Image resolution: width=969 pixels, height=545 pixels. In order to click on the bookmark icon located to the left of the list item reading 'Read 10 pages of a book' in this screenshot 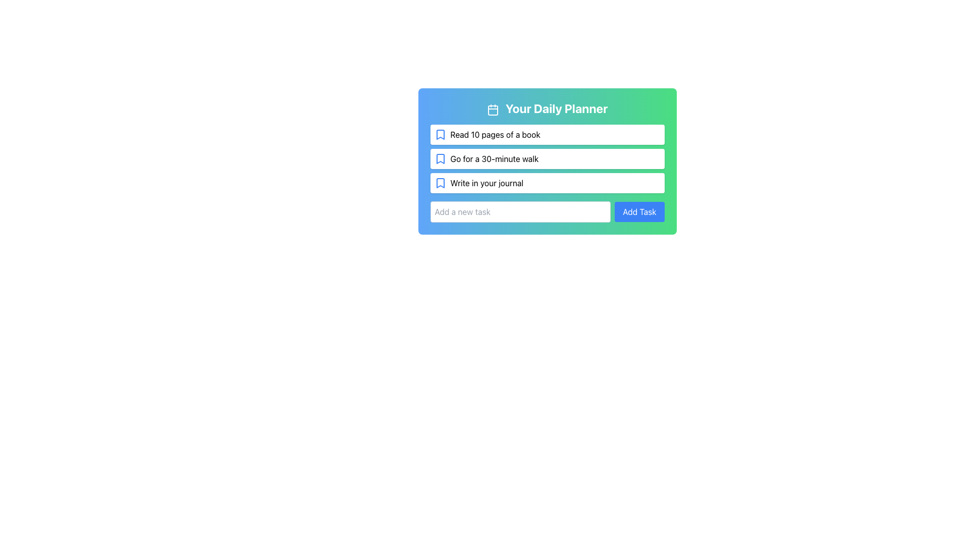, I will do `click(440, 134)`.